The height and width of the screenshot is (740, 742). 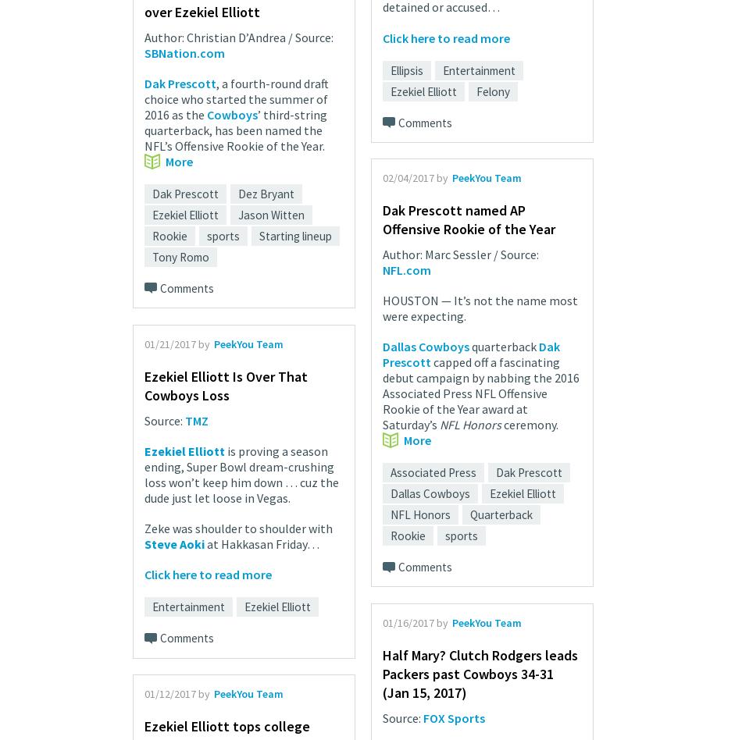 What do you see at coordinates (530, 424) in the screenshot?
I see `'ceremony.'` at bounding box center [530, 424].